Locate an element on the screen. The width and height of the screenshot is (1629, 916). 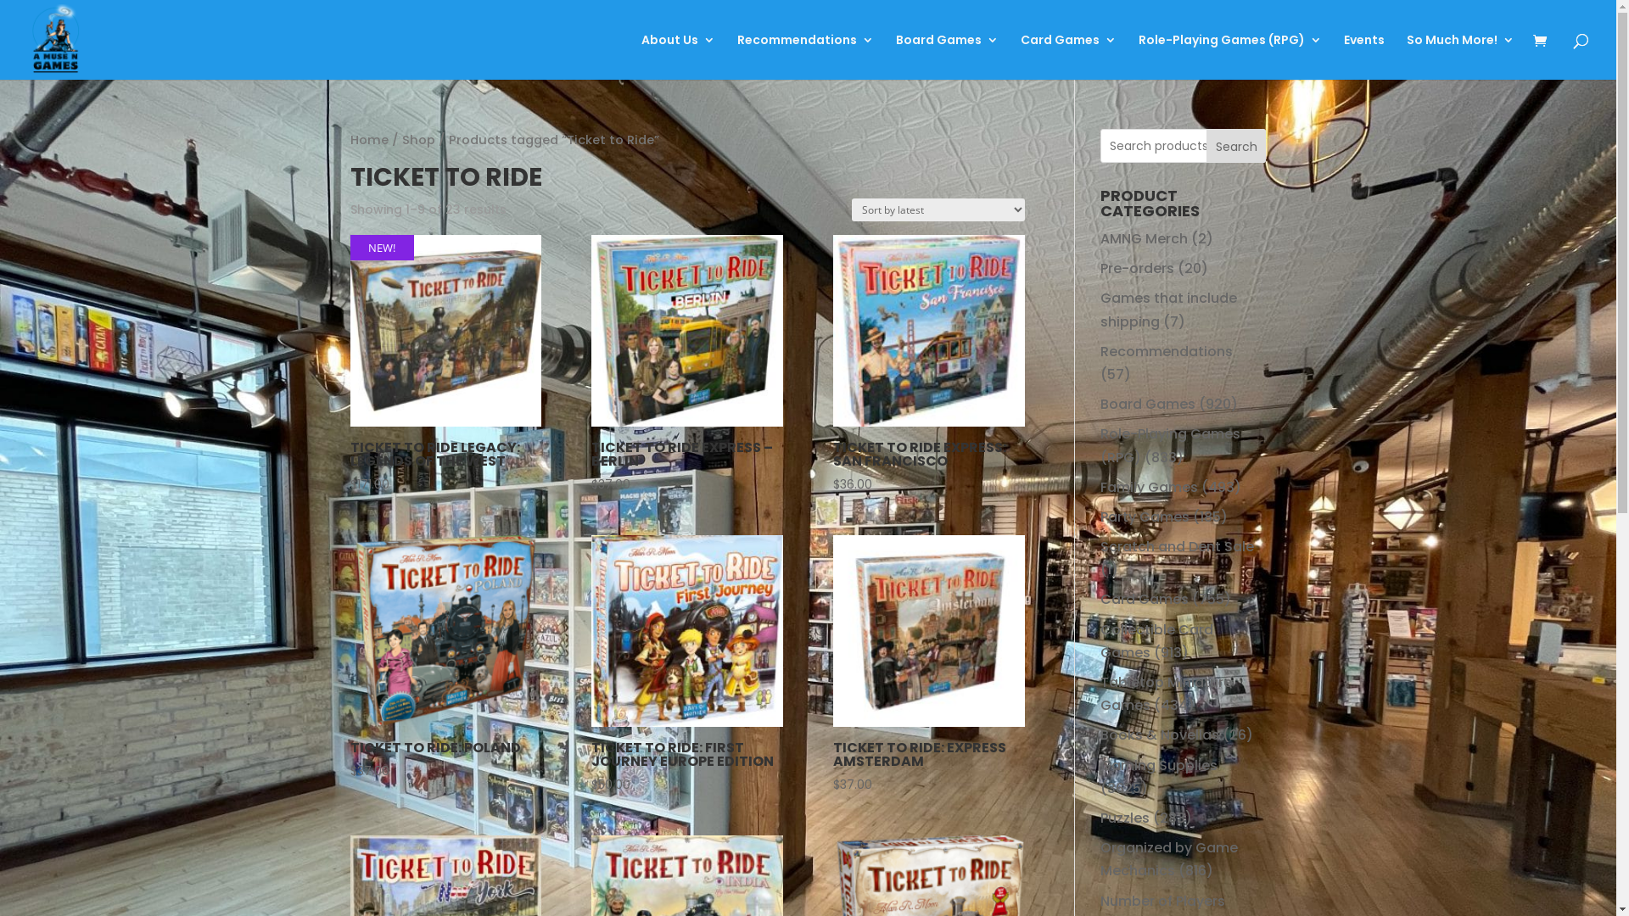
'Role-Playing Games (RPG)' is located at coordinates (1229, 55).